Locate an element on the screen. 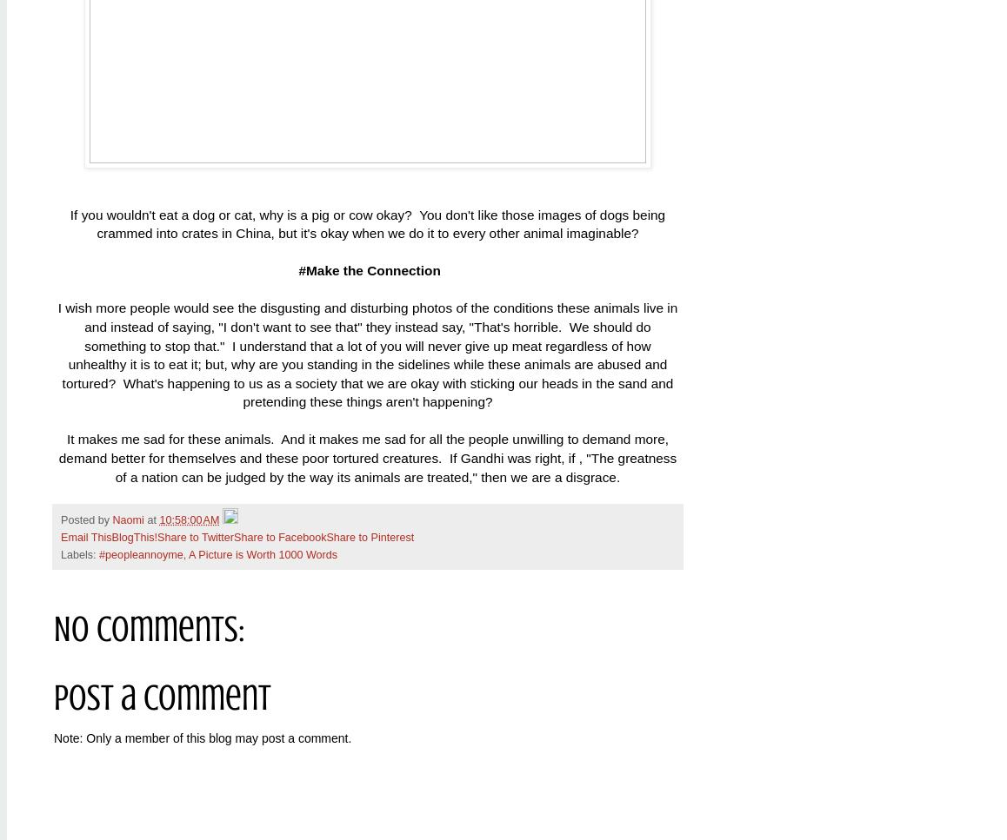  'It makes me sad for these animals.  And it makes me sad for all the people unwilling to demand more, demand better for themselves and these poor tortured creatures.  If Gandhi was right, if , "The greatness of a nation can be judged by the way its animals are treated," then we are a disgrace.' is located at coordinates (58, 458).